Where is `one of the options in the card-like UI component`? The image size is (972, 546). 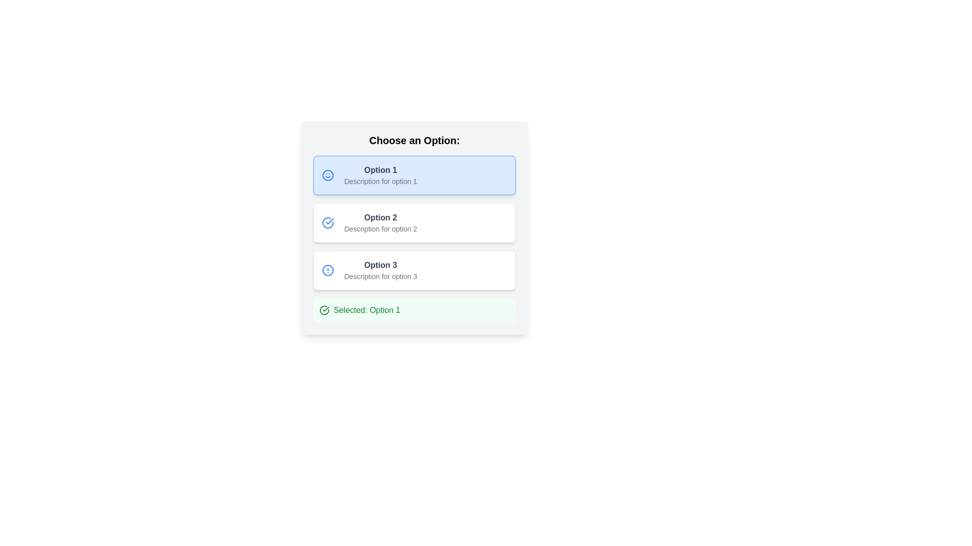 one of the options in the card-like UI component is located at coordinates (415, 228).